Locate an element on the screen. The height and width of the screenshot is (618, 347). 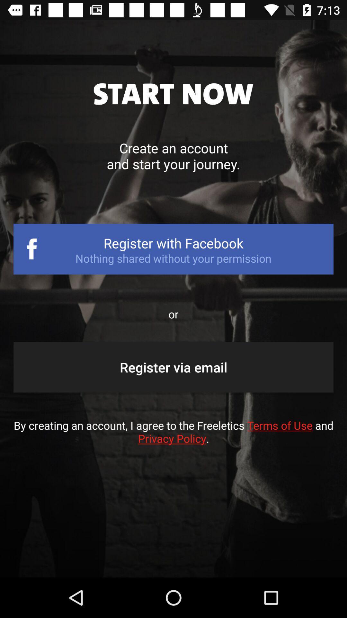
the icon below the or is located at coordinates (173, 367).